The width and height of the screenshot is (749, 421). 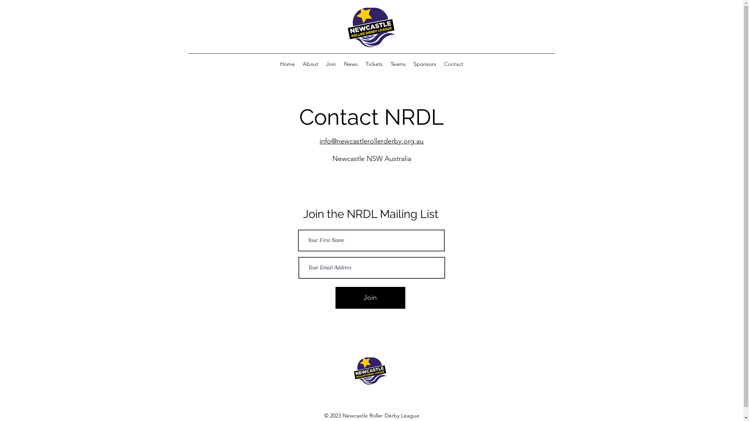 I want to click on 'Tickets', so click(x=373, y=64).